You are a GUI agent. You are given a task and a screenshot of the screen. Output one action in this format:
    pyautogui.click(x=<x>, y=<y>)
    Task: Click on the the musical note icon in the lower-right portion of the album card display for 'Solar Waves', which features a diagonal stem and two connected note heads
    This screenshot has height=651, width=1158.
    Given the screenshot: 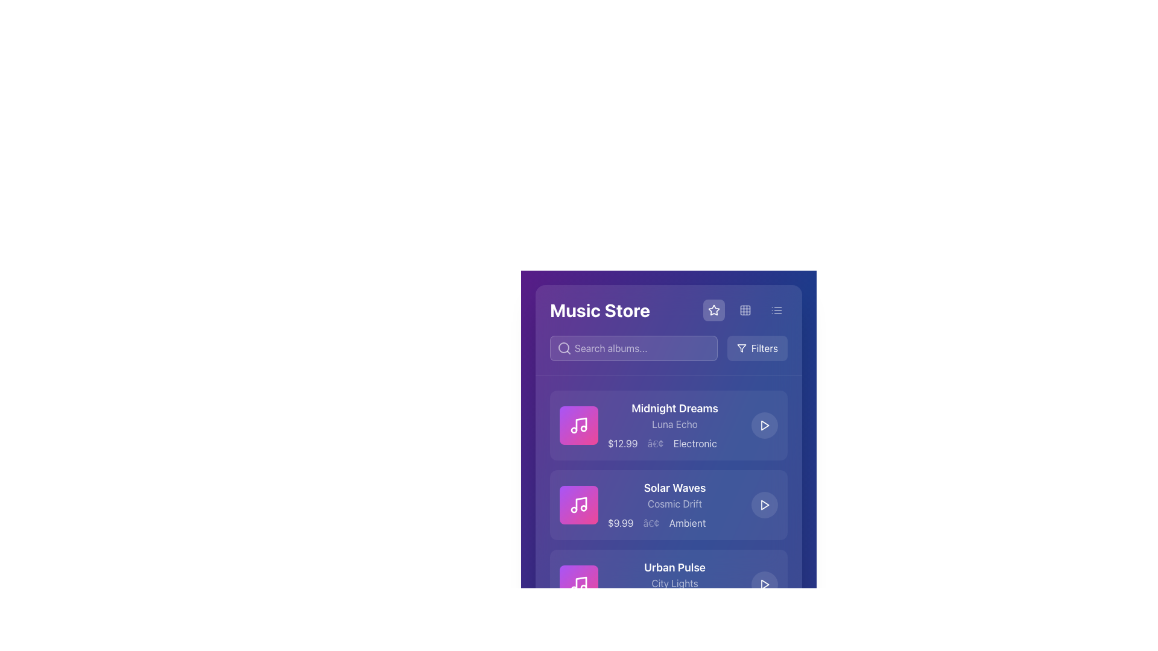 What is the action you would take?
    pyautogui.click(x=581, y=504)
    